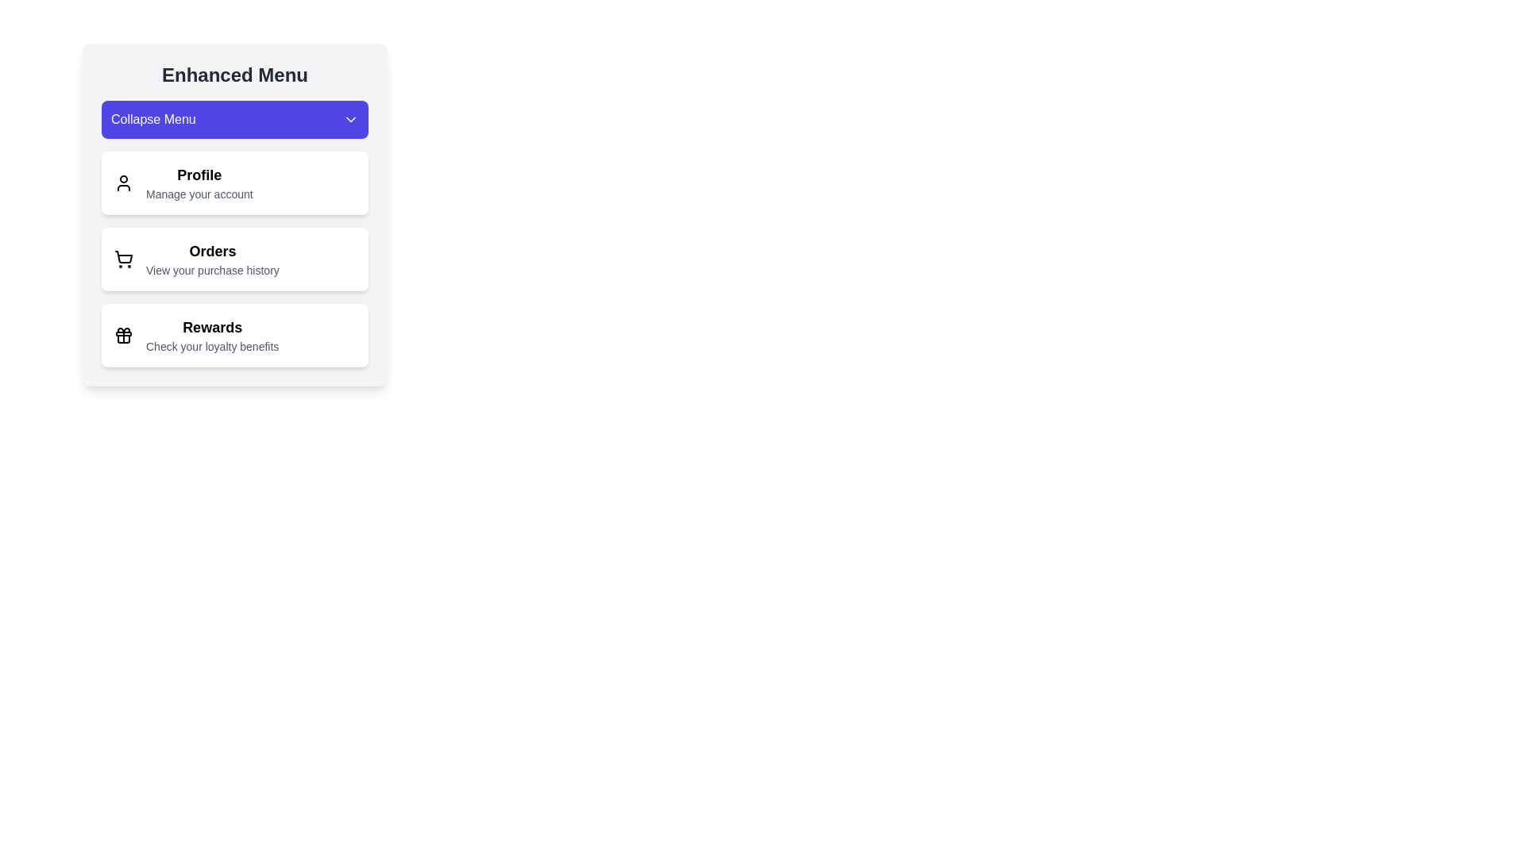  What do you see at coordinates (211, 259) in the screenshot?
I see `the navigation trigger element labeled 'Order History' in the 'Enhanced Menu'` at bounding box center [211, 259].